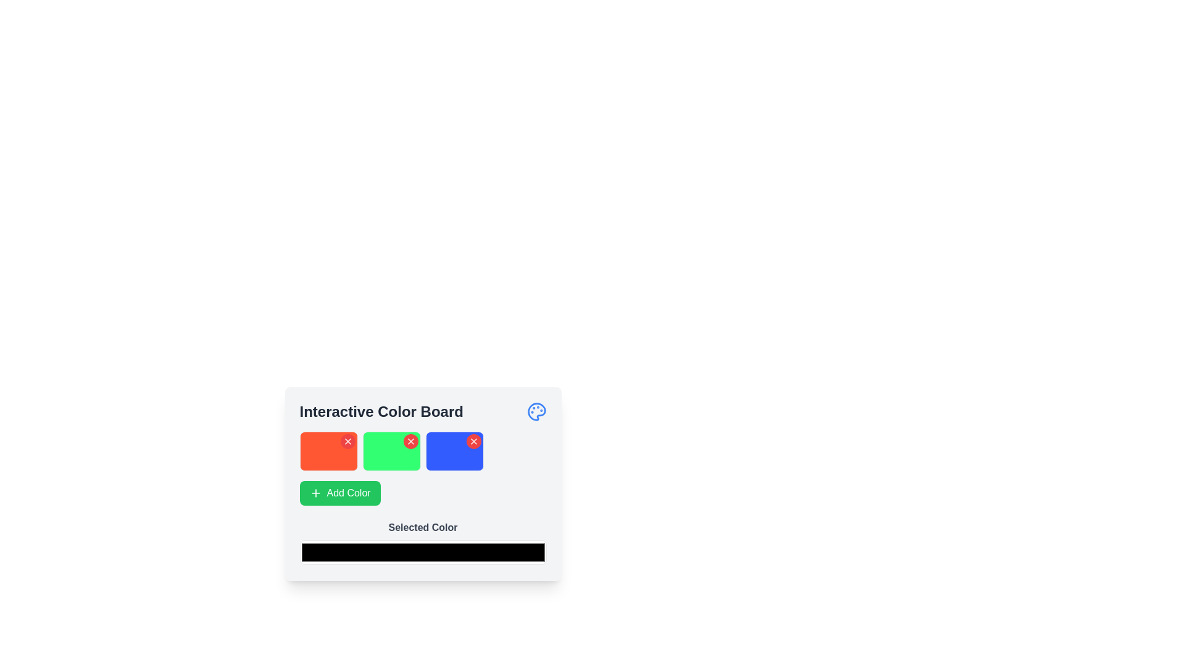  I want to click on the delete button located at the top-right corner of the green color card, so click(410, 441).